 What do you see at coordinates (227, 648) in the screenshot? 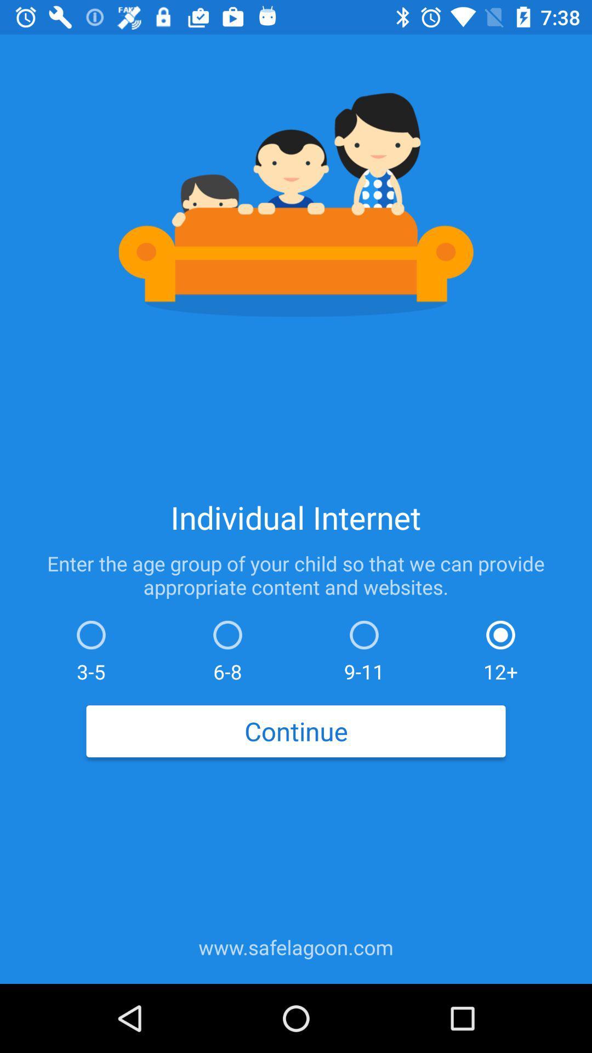
I see `item next to 3-5` at bounding box center [227, 648].